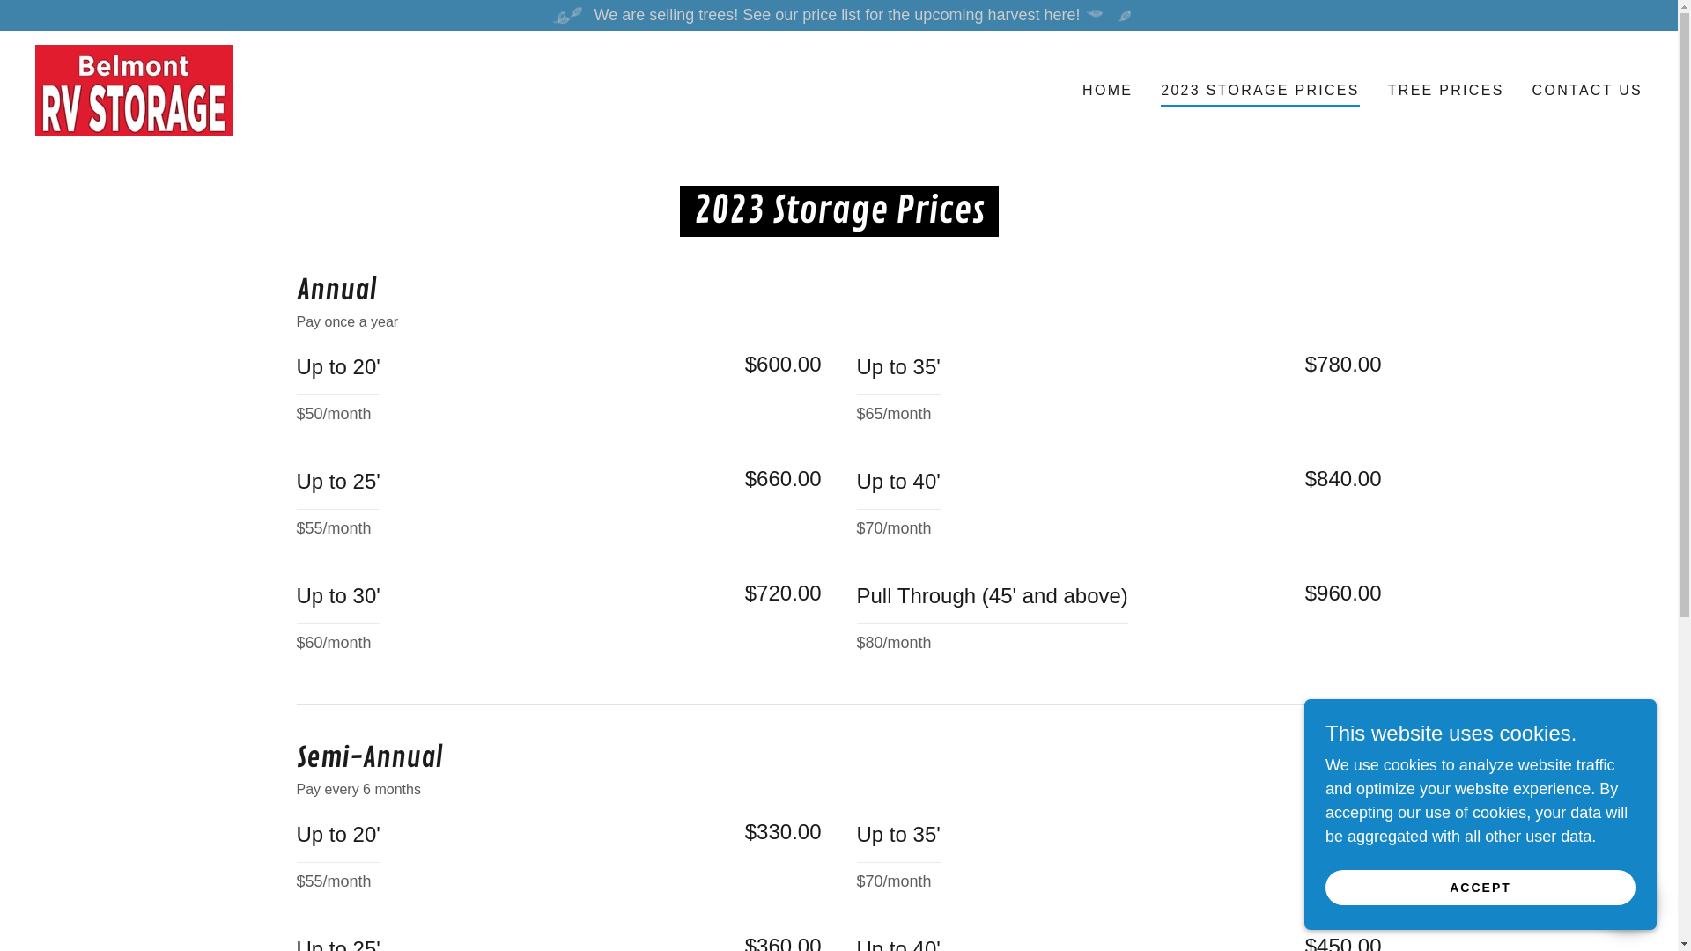 This screenshot has height=951, width=1691. What do you see at coordinates (1445, 91) in the screenshot?
I see `'TREE PRICES'` at bounding box center [1445, 91].